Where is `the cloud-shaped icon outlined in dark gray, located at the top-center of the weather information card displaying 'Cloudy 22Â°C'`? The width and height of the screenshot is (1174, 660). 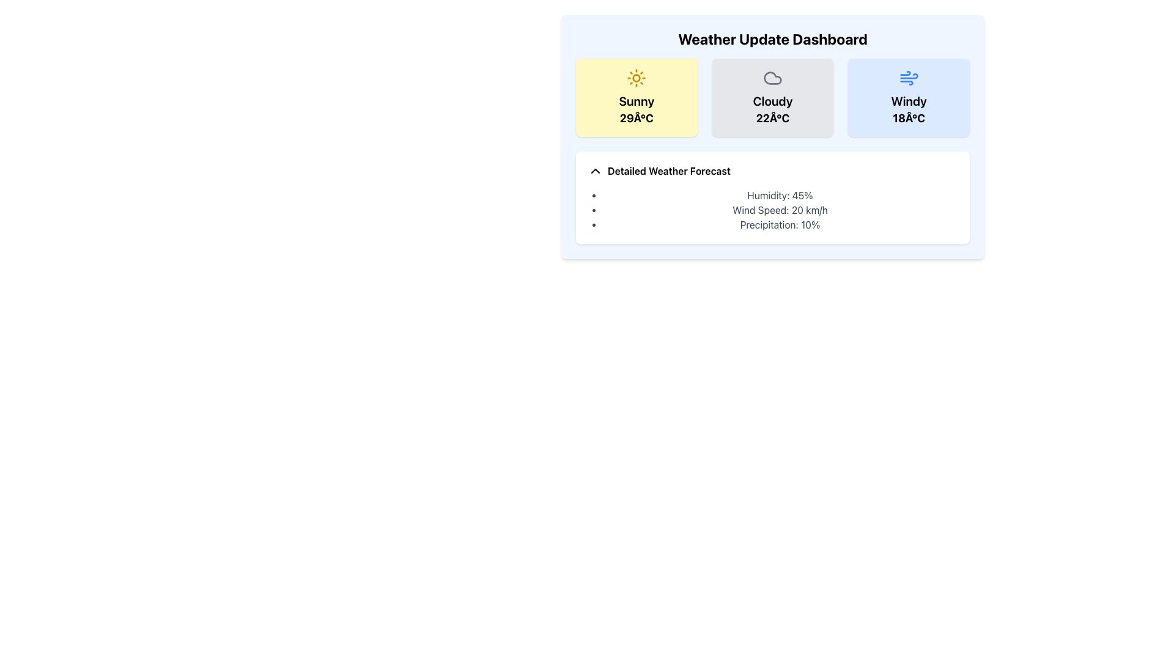 the cloud-shaped icon outlined in dark gray, located at the top-center of the weather information card displaying 'Cloudy 22Â°C' is located at coordinates (772, 78).